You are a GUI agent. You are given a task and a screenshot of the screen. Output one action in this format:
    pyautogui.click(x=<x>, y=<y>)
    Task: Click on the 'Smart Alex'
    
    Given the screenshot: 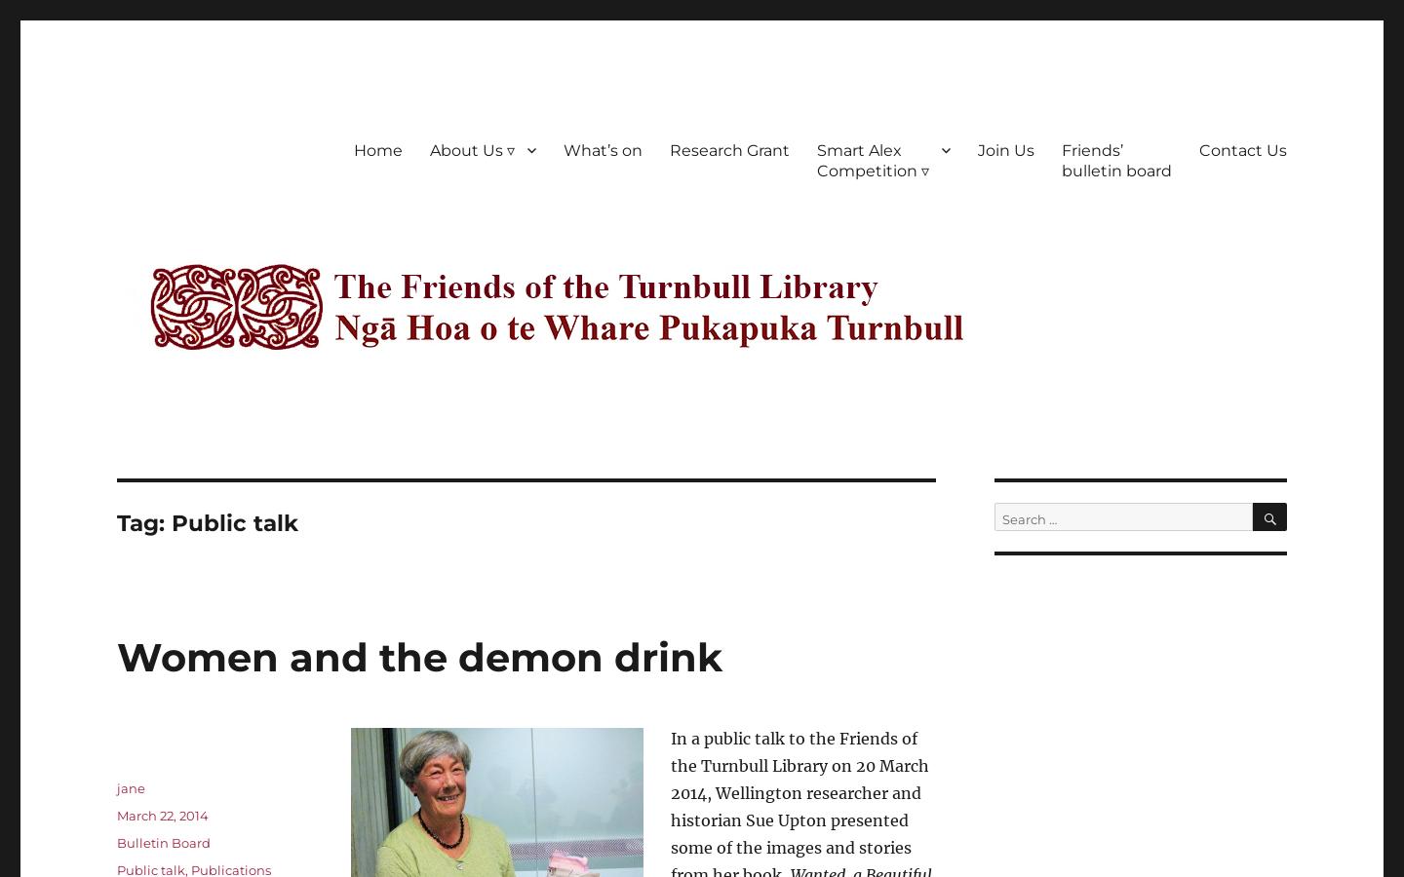 What is the action you would take?
    pyautogui.click(x=858, y=149)
    